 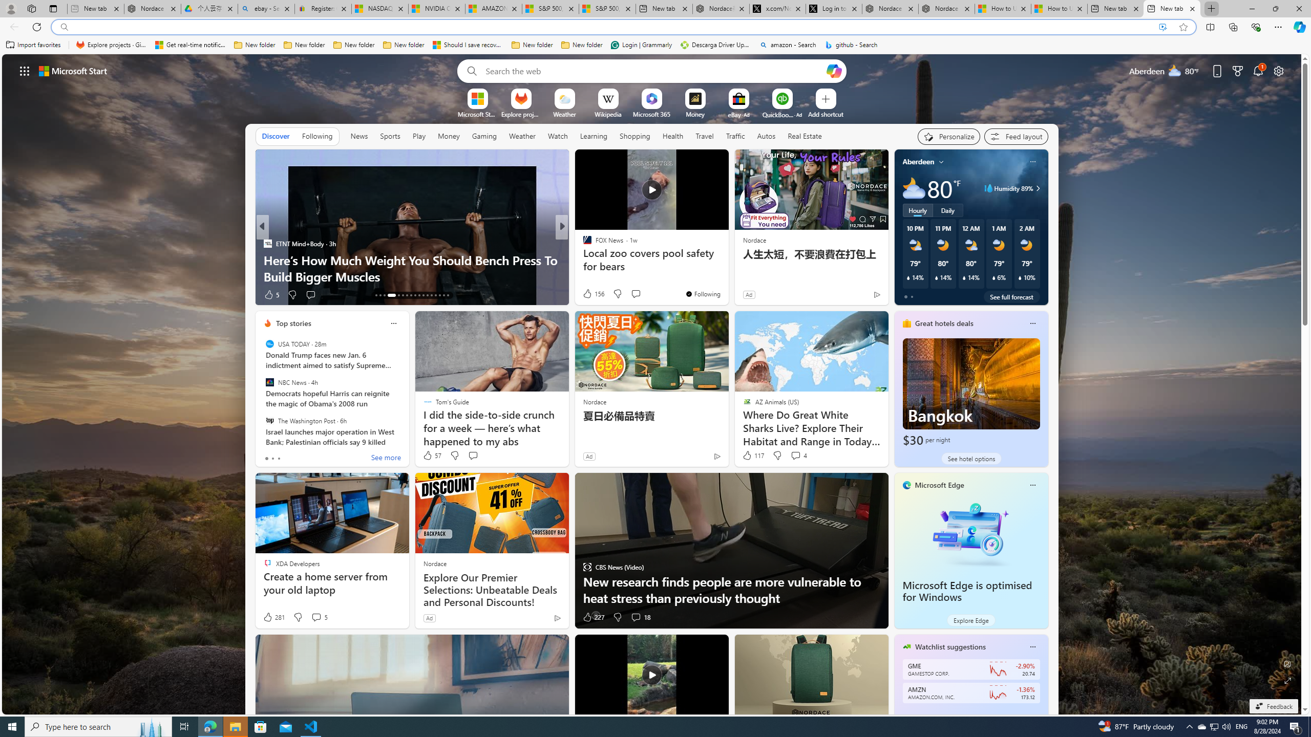 I want to click on 'Traffic', so click(x=735, y=136).